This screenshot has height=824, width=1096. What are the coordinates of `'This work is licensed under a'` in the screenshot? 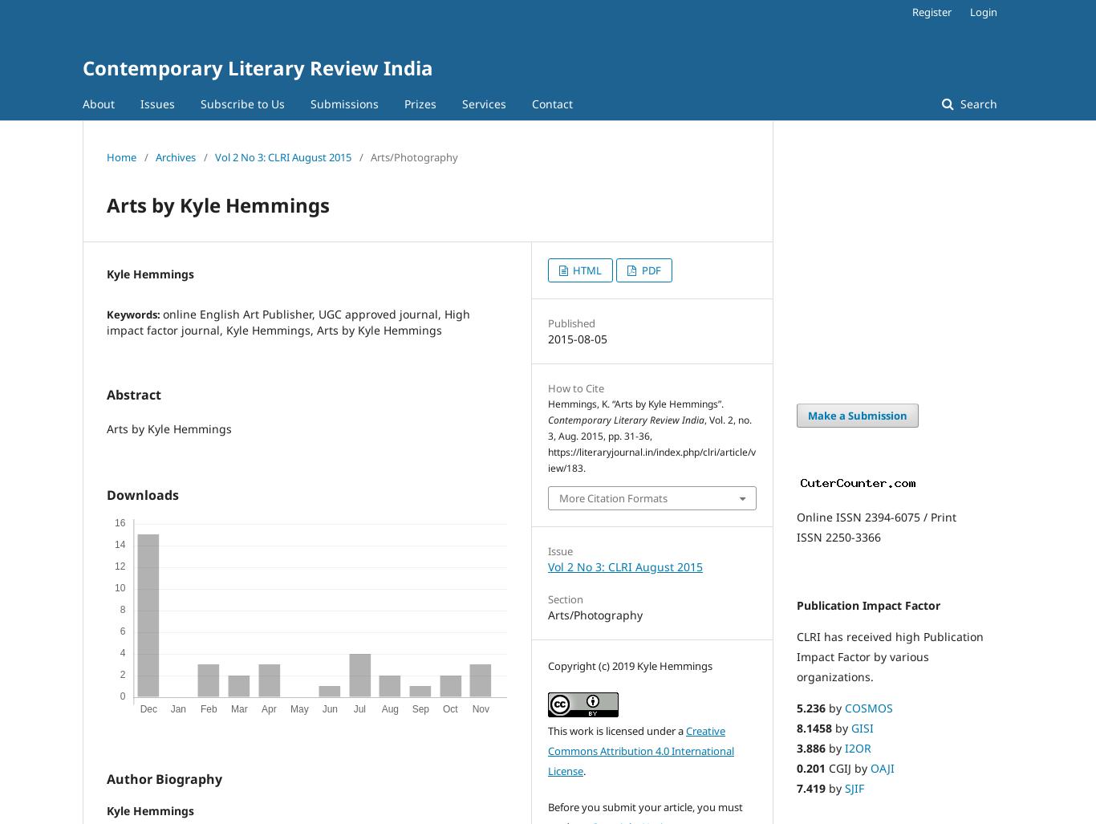 It's located at (548, 729).